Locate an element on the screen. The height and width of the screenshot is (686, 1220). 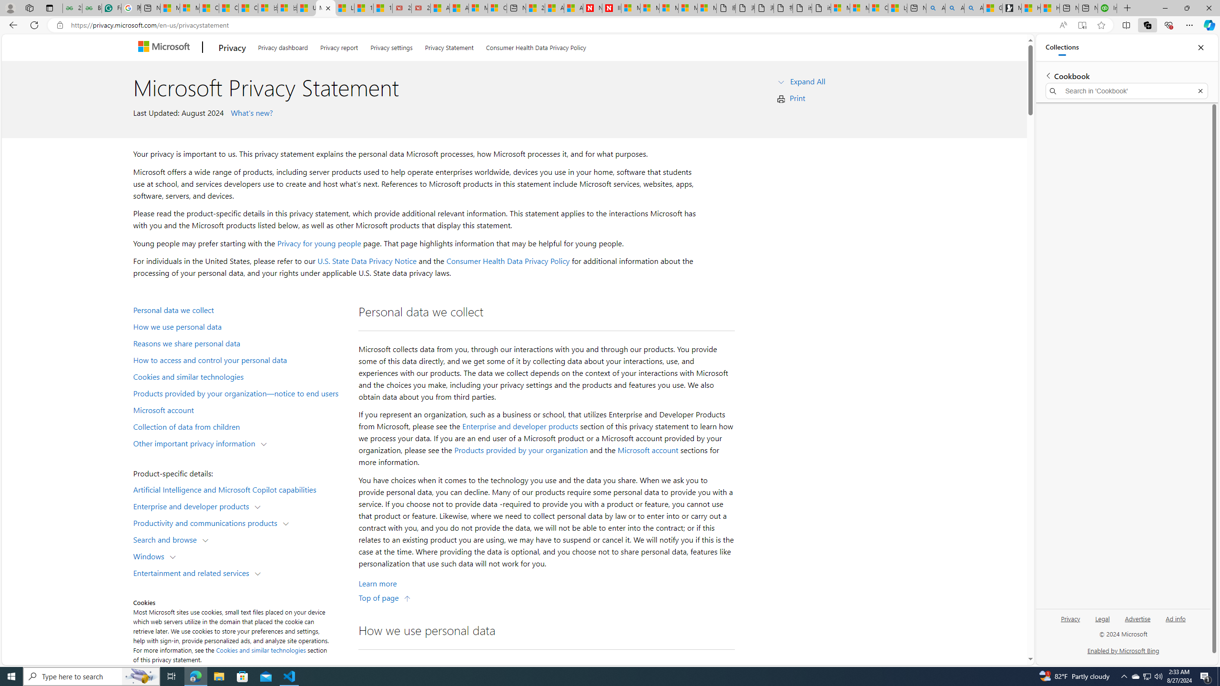
'Privacy Statement' is located at coordinates (449, 46).